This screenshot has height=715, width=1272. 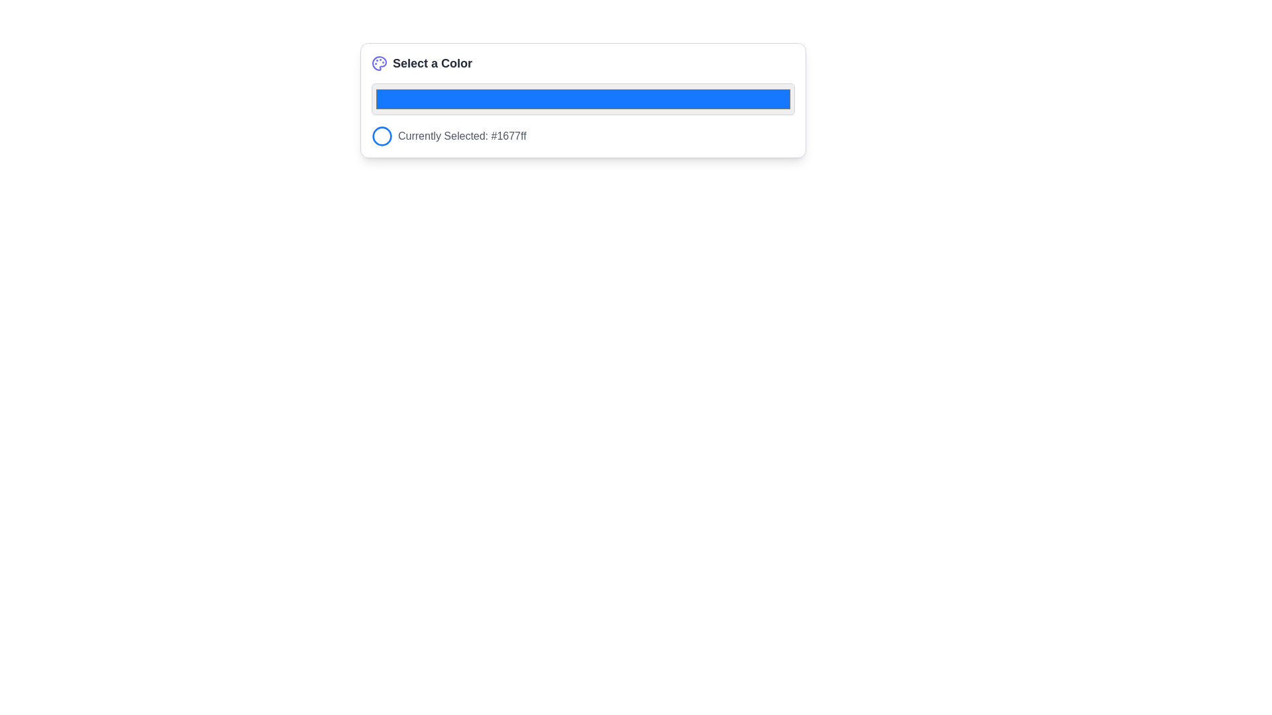 What do you see at coordinates (583, 99) in the screenshot?
I see `the Color Input Field located below the 'Select a Color' title` at bounding box center [583, 99].